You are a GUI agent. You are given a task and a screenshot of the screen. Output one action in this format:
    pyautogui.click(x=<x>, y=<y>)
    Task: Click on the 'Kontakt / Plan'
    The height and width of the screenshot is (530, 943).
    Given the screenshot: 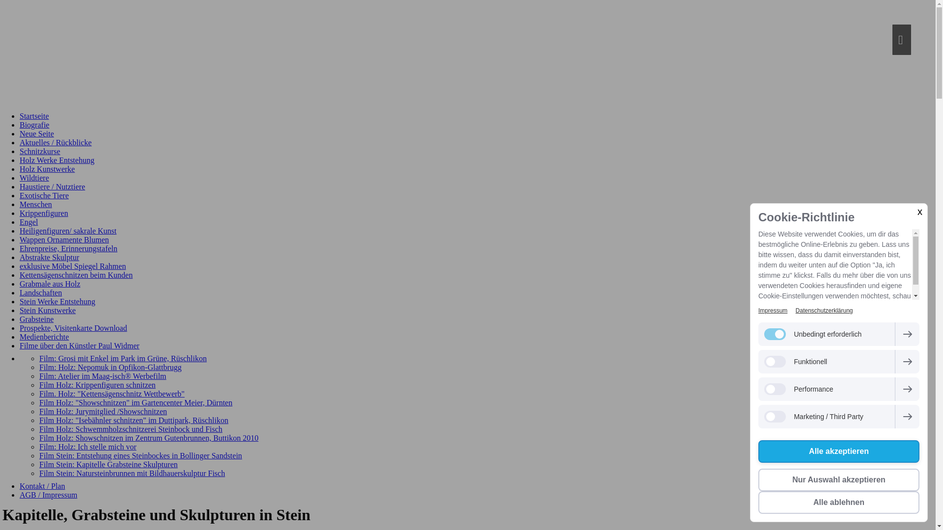 What is the action you would take?
    pyautogui.click(x=42, y=486)
    